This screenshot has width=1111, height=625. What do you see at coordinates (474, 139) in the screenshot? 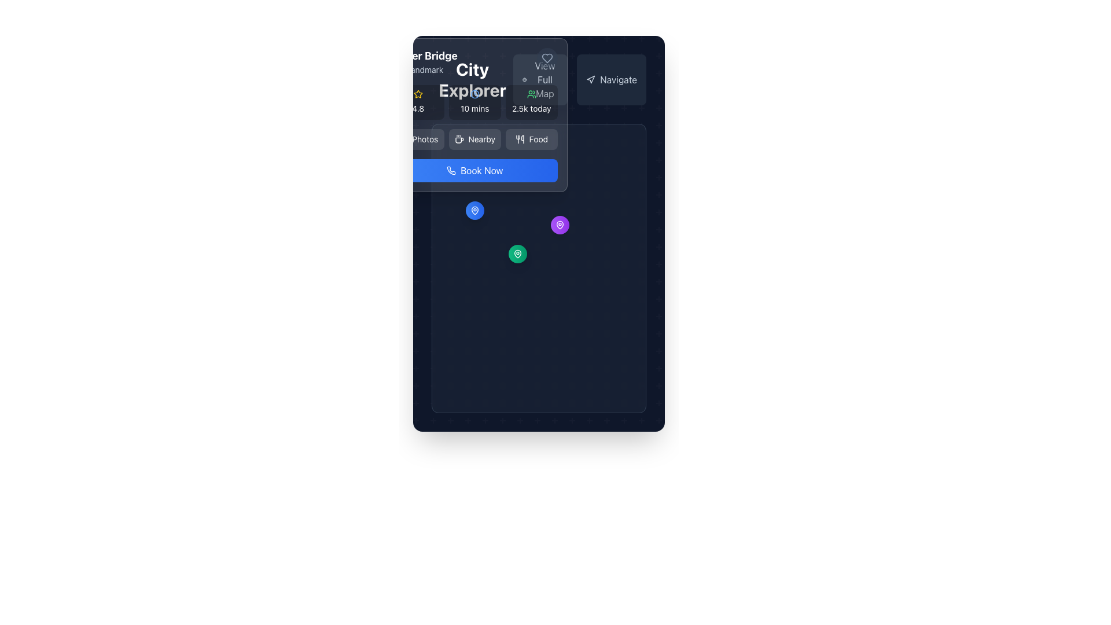
I see `the 'Nearby' button, which is the second button in a row of three, featuring a coffee cup icon and the text 'Nearby'` at bounding box center [474, 139].